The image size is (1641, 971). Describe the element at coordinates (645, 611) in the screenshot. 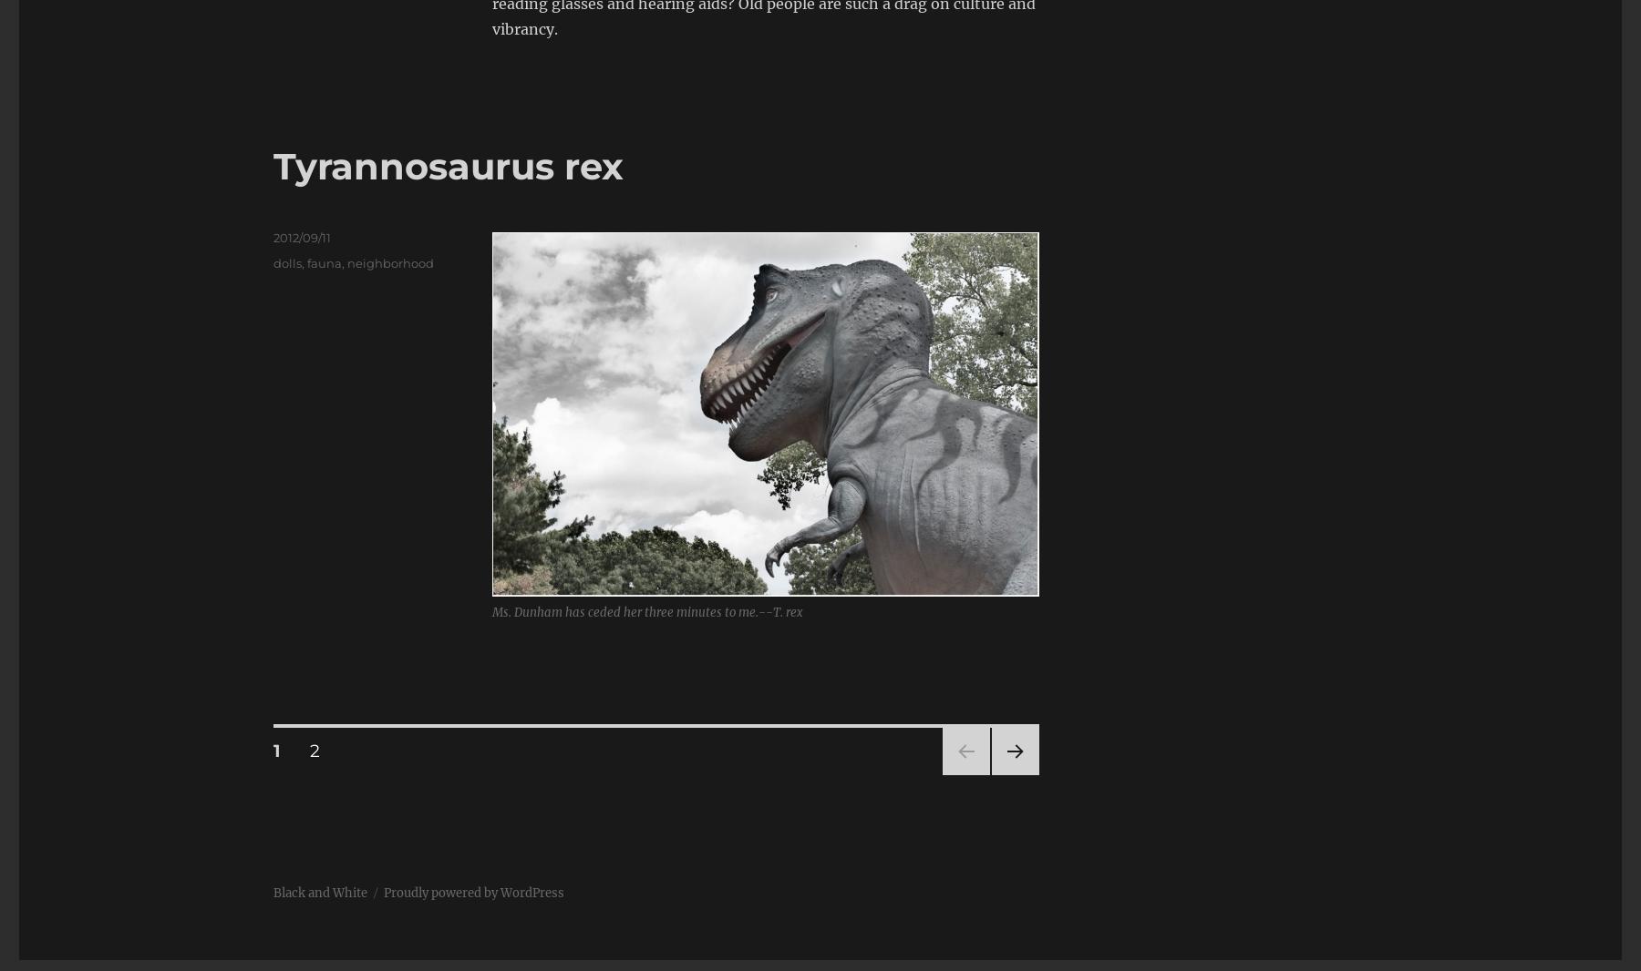

I see `'Ms. Dunham has ceded her three minutes to me.--T. rex'` at that location.